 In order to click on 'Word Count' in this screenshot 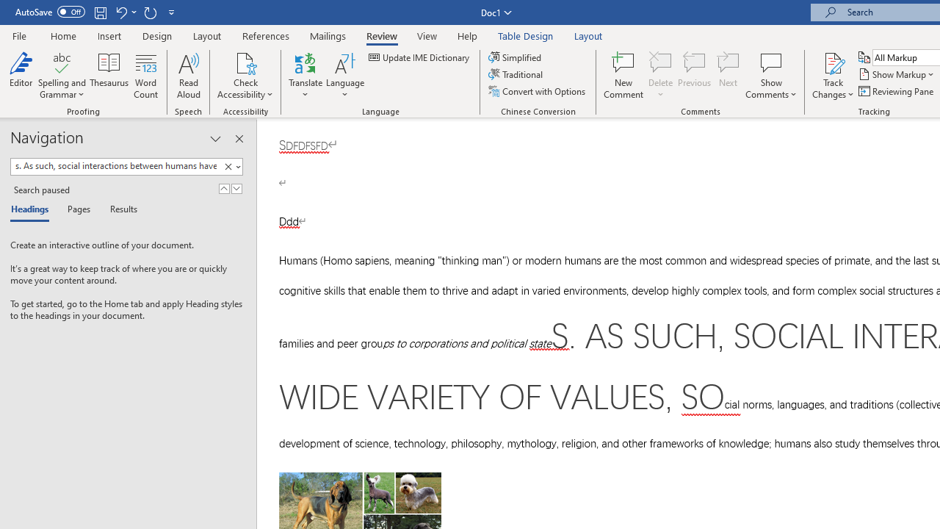, I will do `click(146, 76)`.